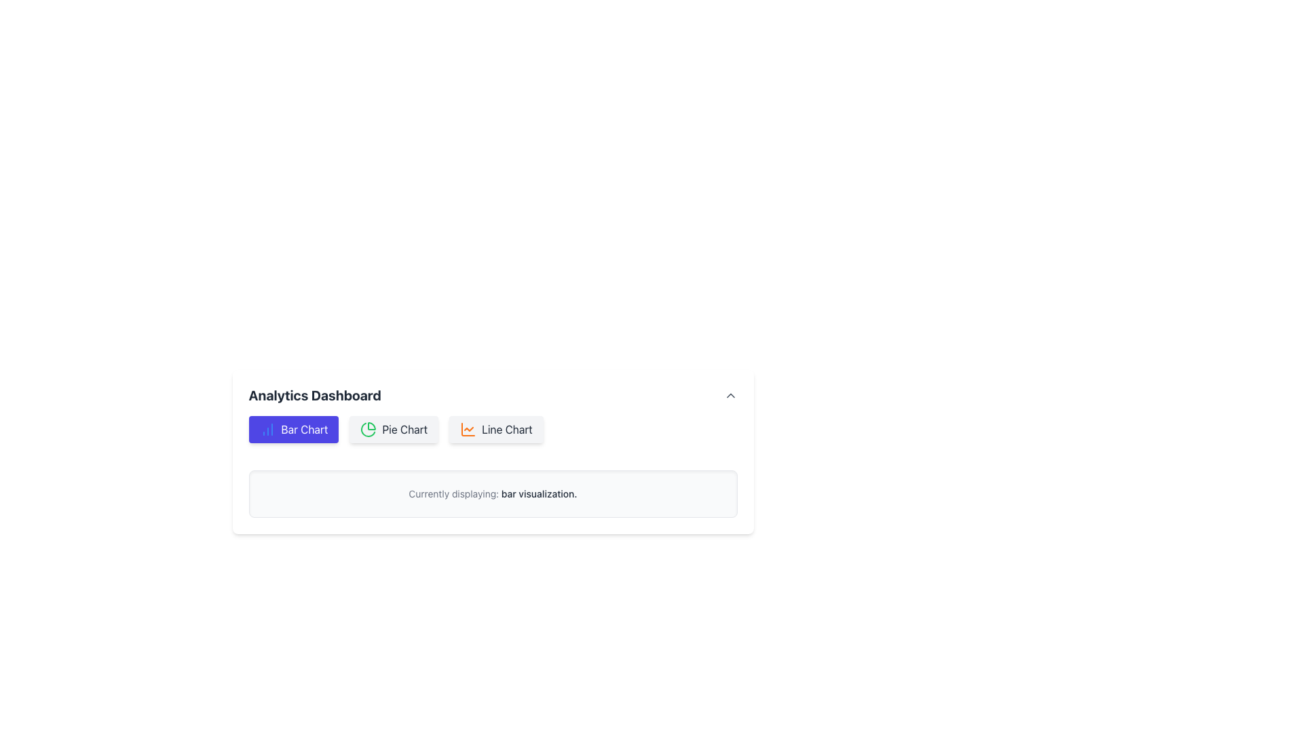 This screenshot has width=1303, height=733. What do you see at coordinates (267, 429) in the screenshot?
I see `the small blue bar chart icon located to the left of the 'Bar Chart' button in the chart selection interface` at bounding box center [267, 429].